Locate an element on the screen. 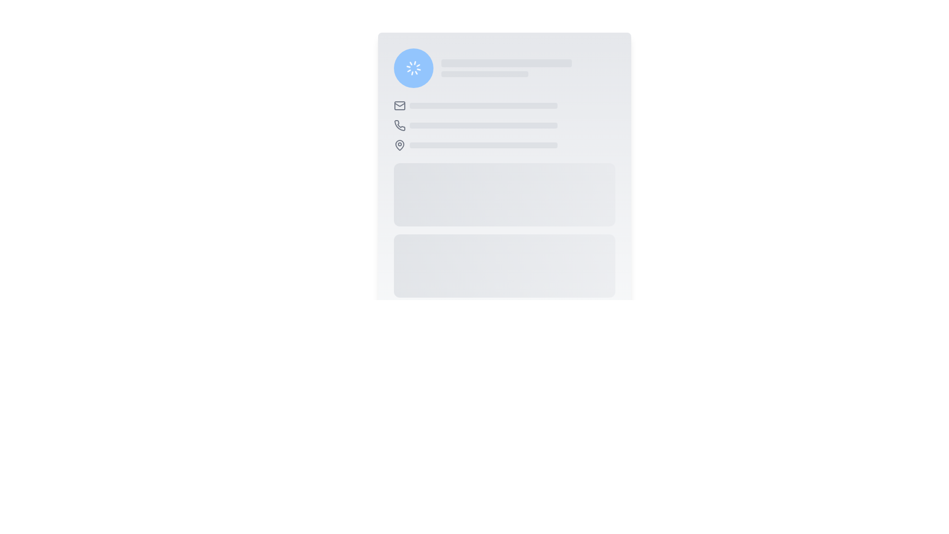 The width and height of the screenshot is (949, 534). the Loading placeholder with animations located in the upper right portion of its containing block, adjacent to the spinning loader is located at coordinates (527, 68).